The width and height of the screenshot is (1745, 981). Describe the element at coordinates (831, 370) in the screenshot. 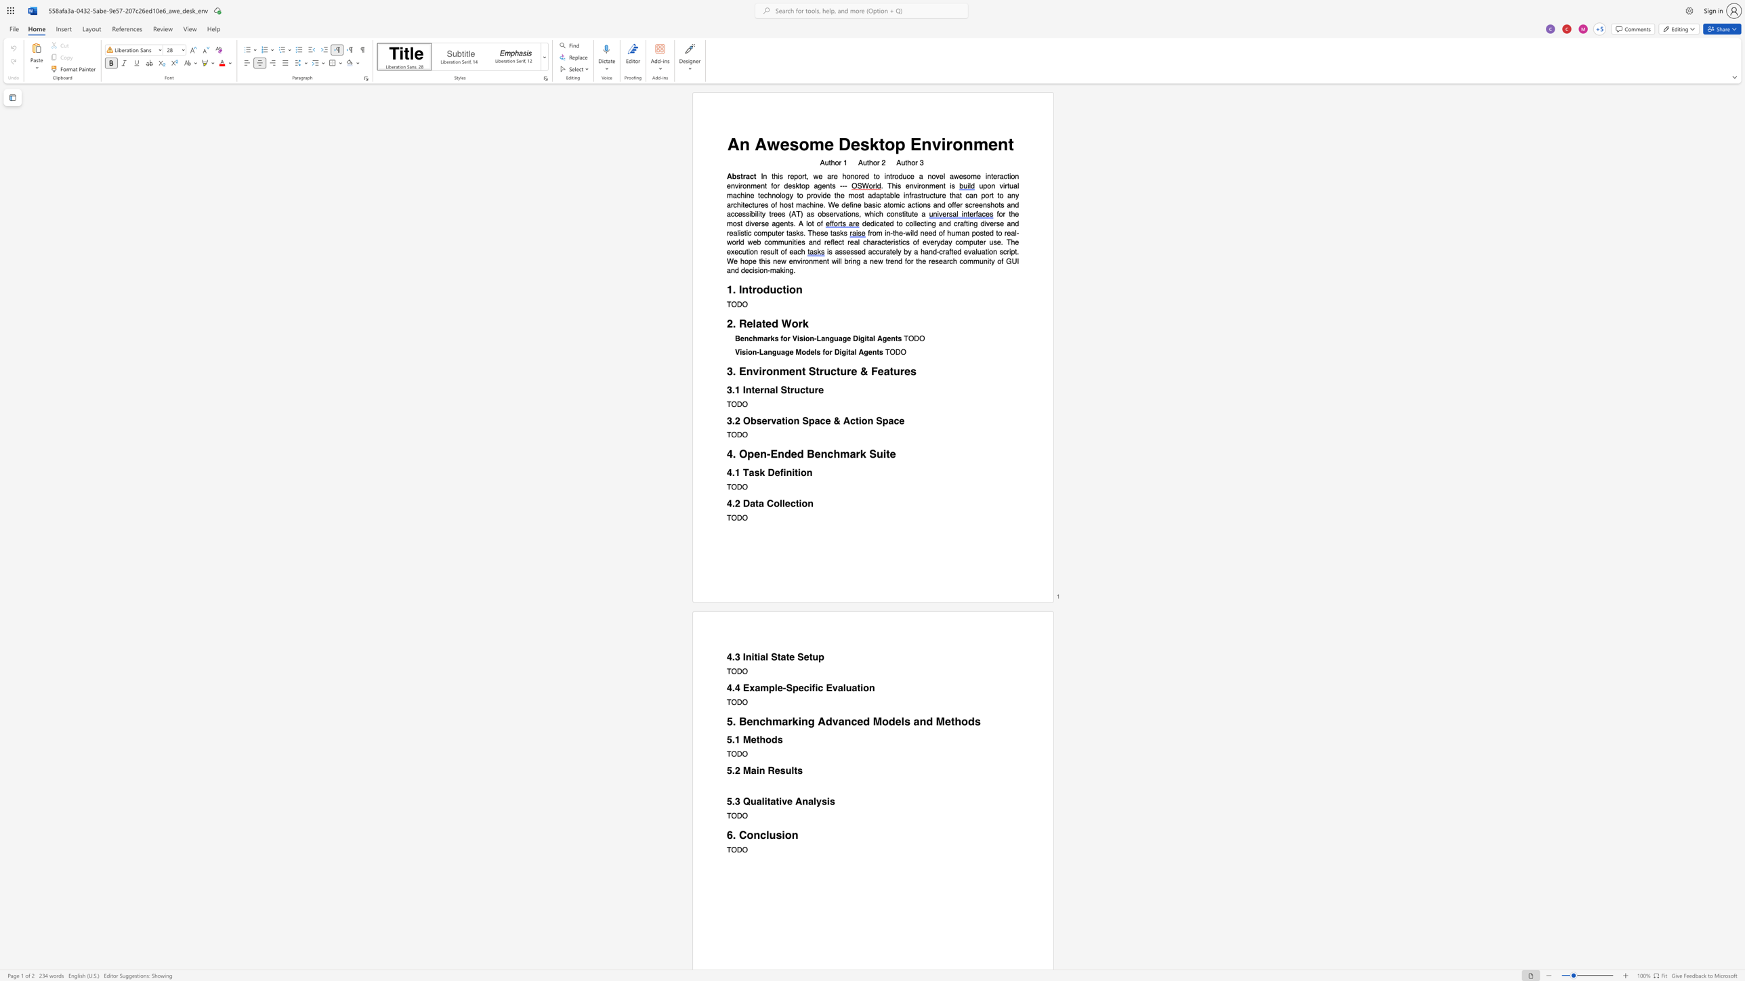

I see `the subset text "cture & Fea" within the text "3. Environment Structure & Features"` at that location.